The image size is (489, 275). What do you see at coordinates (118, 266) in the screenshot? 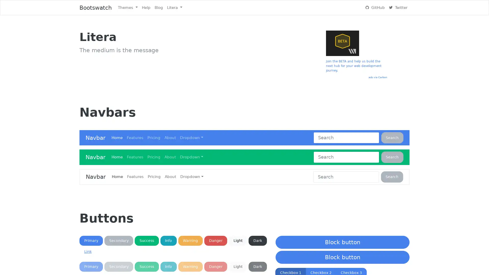
I see `Secondary` at bounding box center [118, 266].